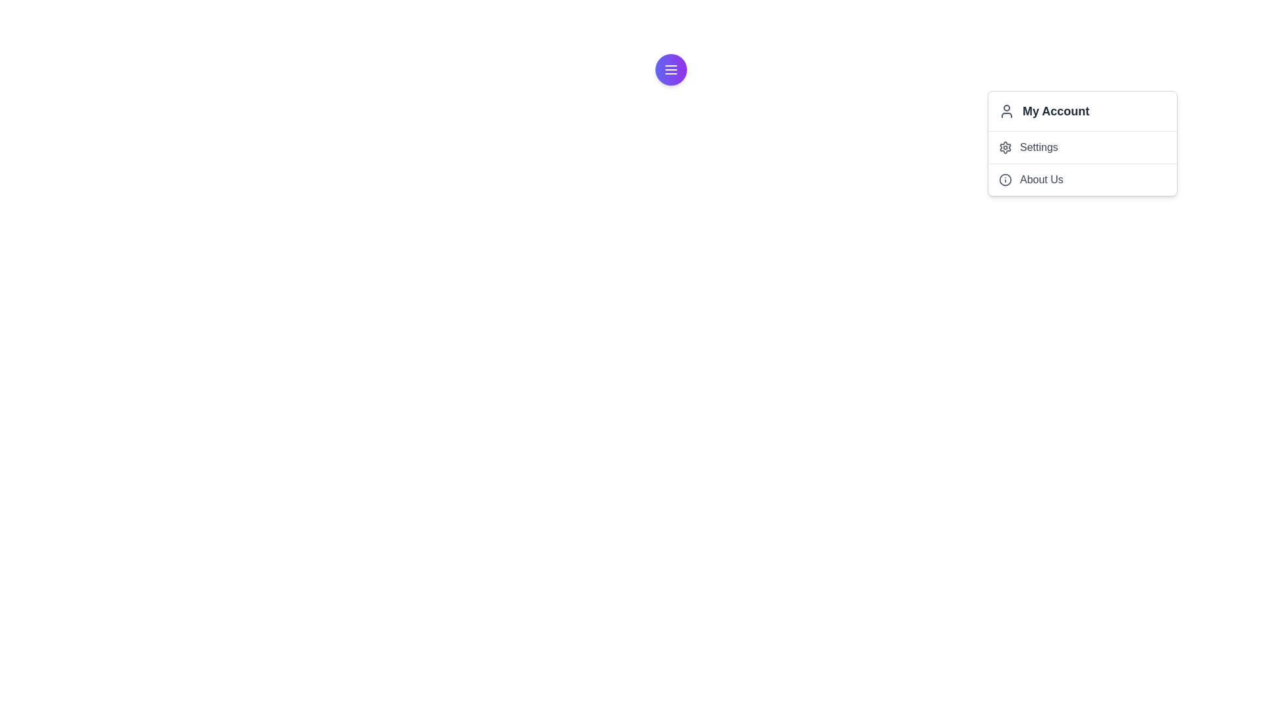 The width and height of the screenshot is (1266, 712). Describe the element at coordinates (1082, 111) in the screenshot. I see `the 'My Account' menu item, which is the first item in the dropdown menu` at that location.